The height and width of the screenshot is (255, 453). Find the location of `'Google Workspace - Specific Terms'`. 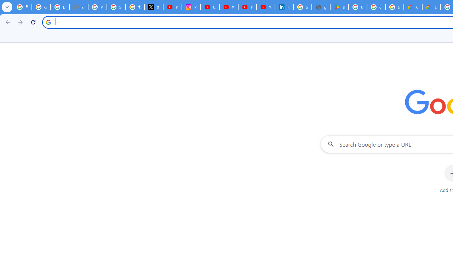

'Google Workspace - Specific Terms' is located at coordinates (394, 7).